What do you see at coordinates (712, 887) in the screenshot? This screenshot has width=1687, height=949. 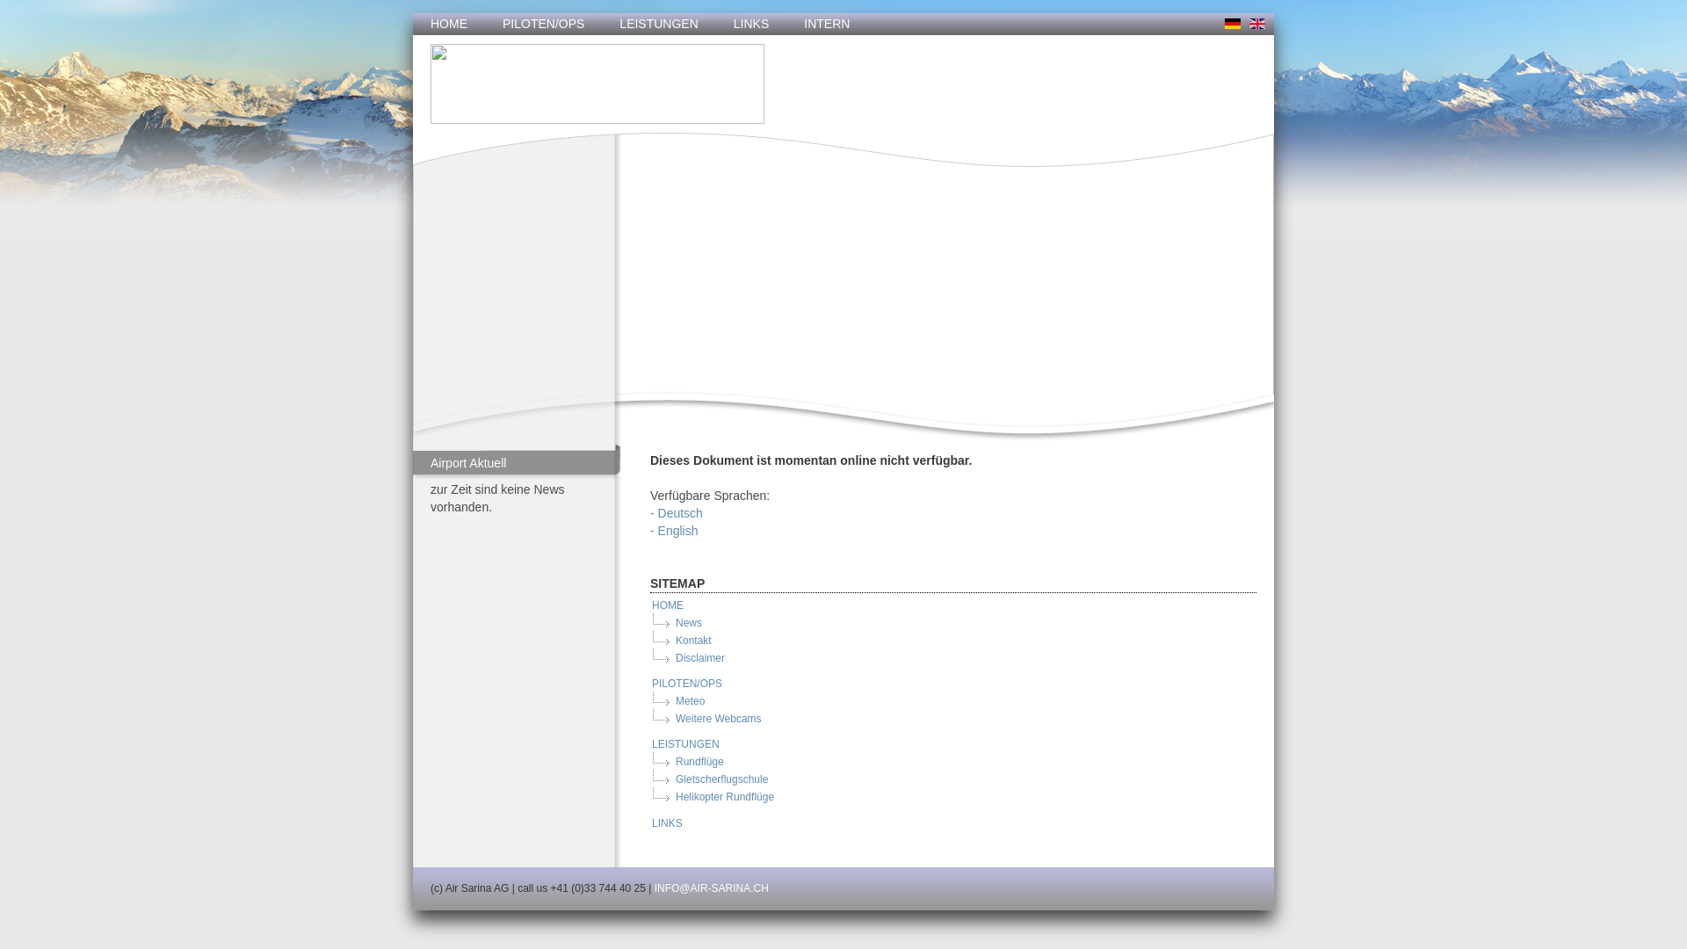 I see `'INFO@AIR-SARINA.CH'` at bounding box center [712, 887].